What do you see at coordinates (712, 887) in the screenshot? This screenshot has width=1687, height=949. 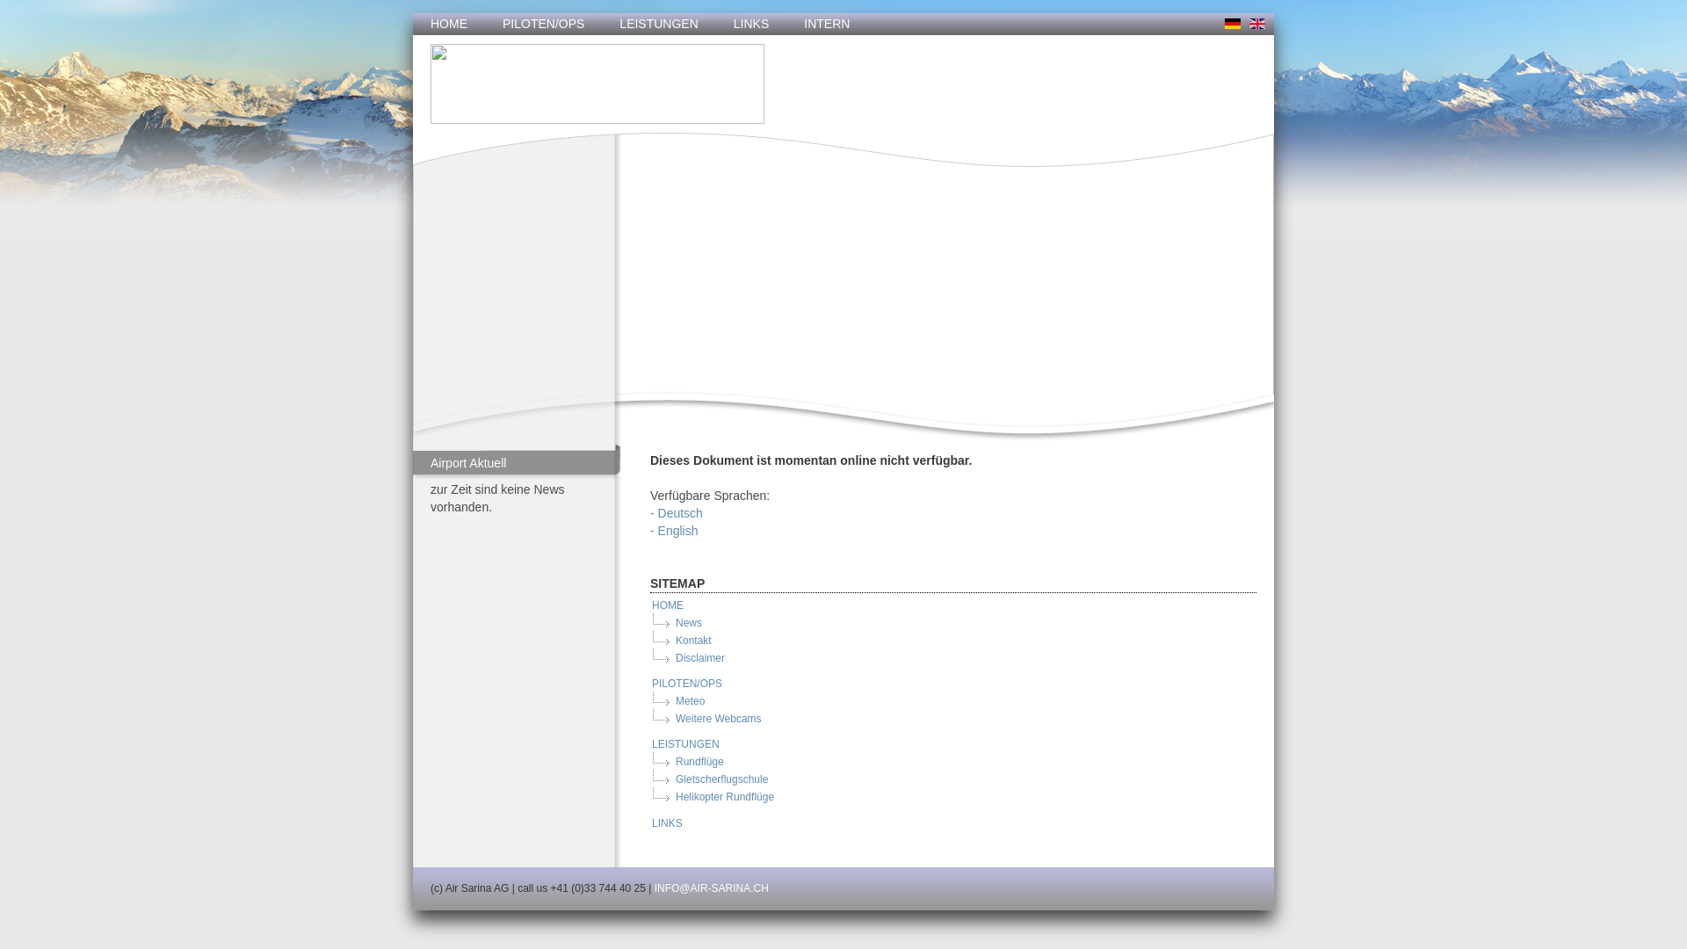 I see `'INFO@AIR-SARINA.CH'` at bounding box center [712, 887].